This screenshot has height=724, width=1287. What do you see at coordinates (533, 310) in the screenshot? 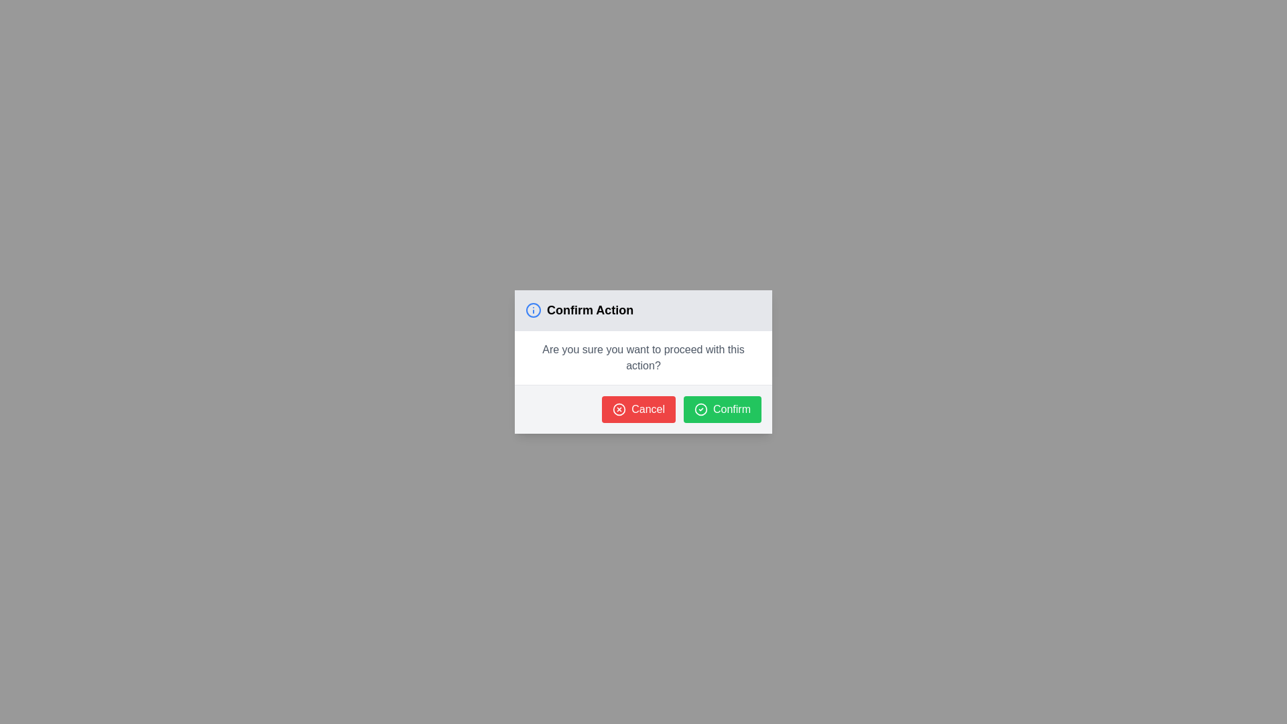
I see `the icon positioned to the left of the text label 'Confirm Action' for visual guidance` at bounding box center [533, 310].